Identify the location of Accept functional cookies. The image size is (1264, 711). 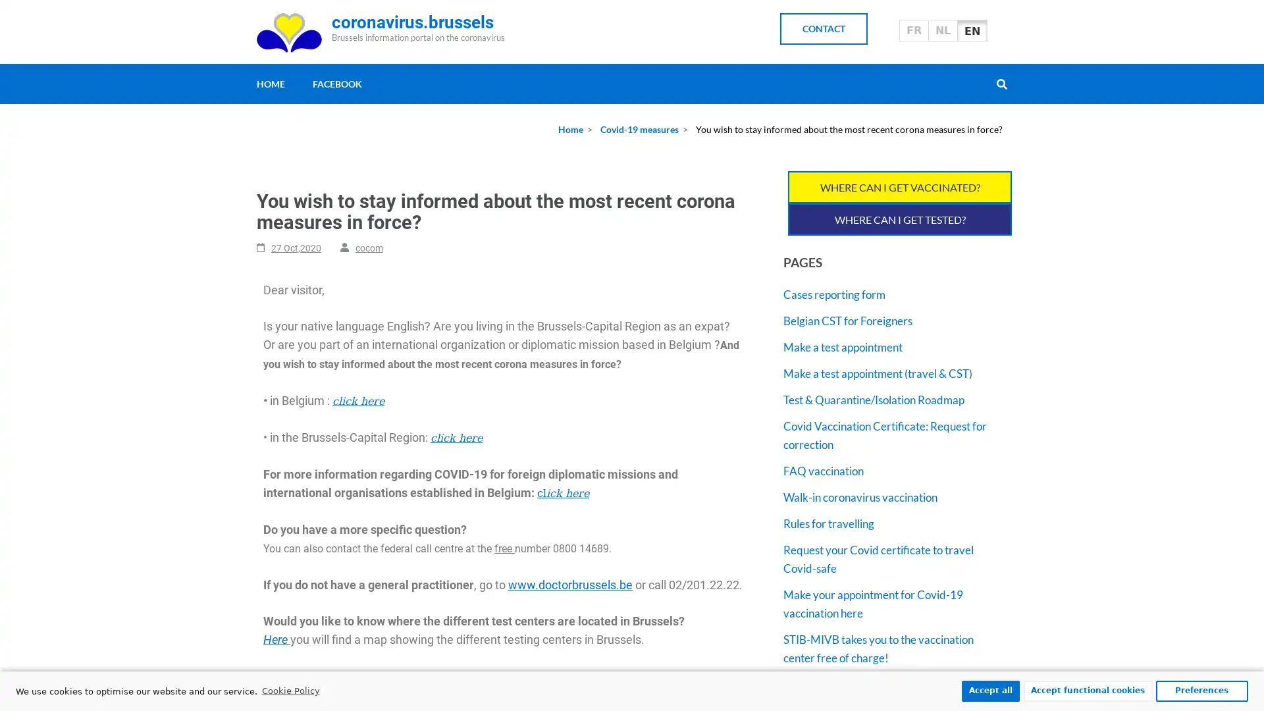
(1087, 690).